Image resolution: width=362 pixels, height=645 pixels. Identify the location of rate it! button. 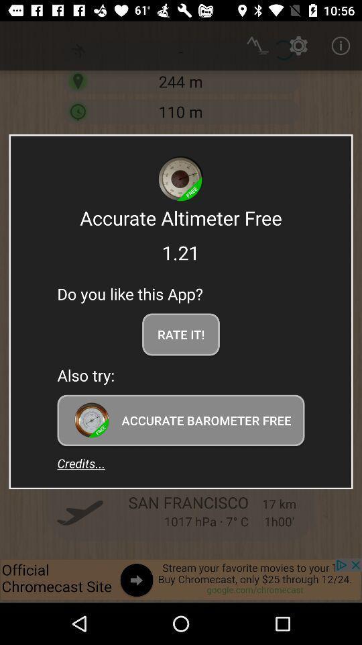
(181, 333).